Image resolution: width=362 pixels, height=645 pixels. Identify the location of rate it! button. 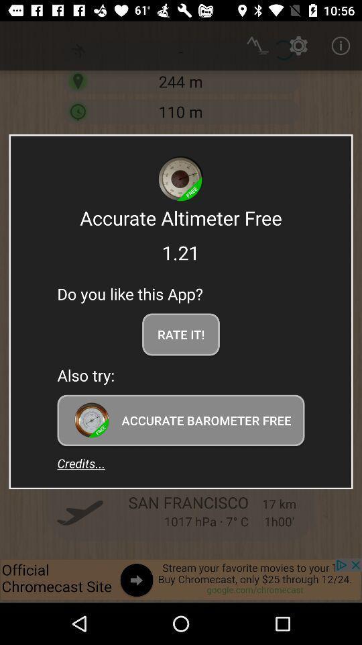
(181, 333).